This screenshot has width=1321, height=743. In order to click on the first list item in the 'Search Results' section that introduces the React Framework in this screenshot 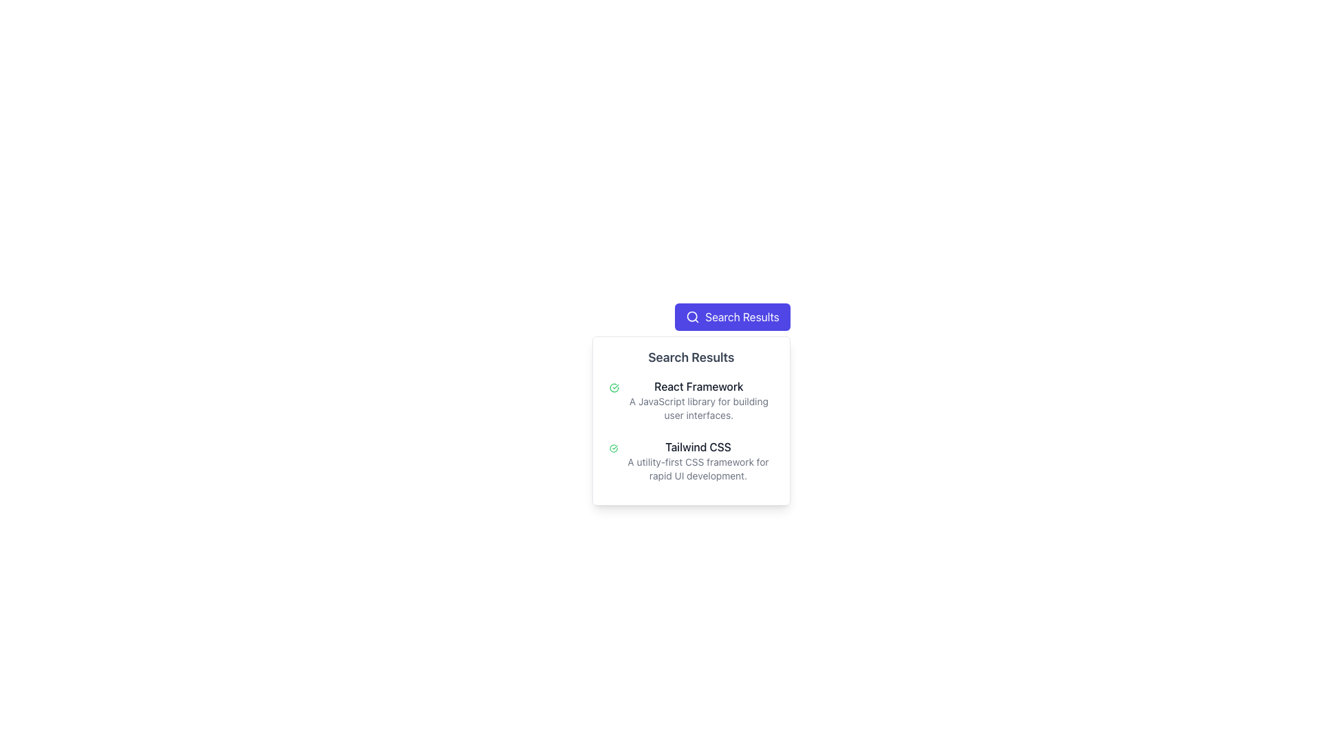, I will do `click(691, 400)`.